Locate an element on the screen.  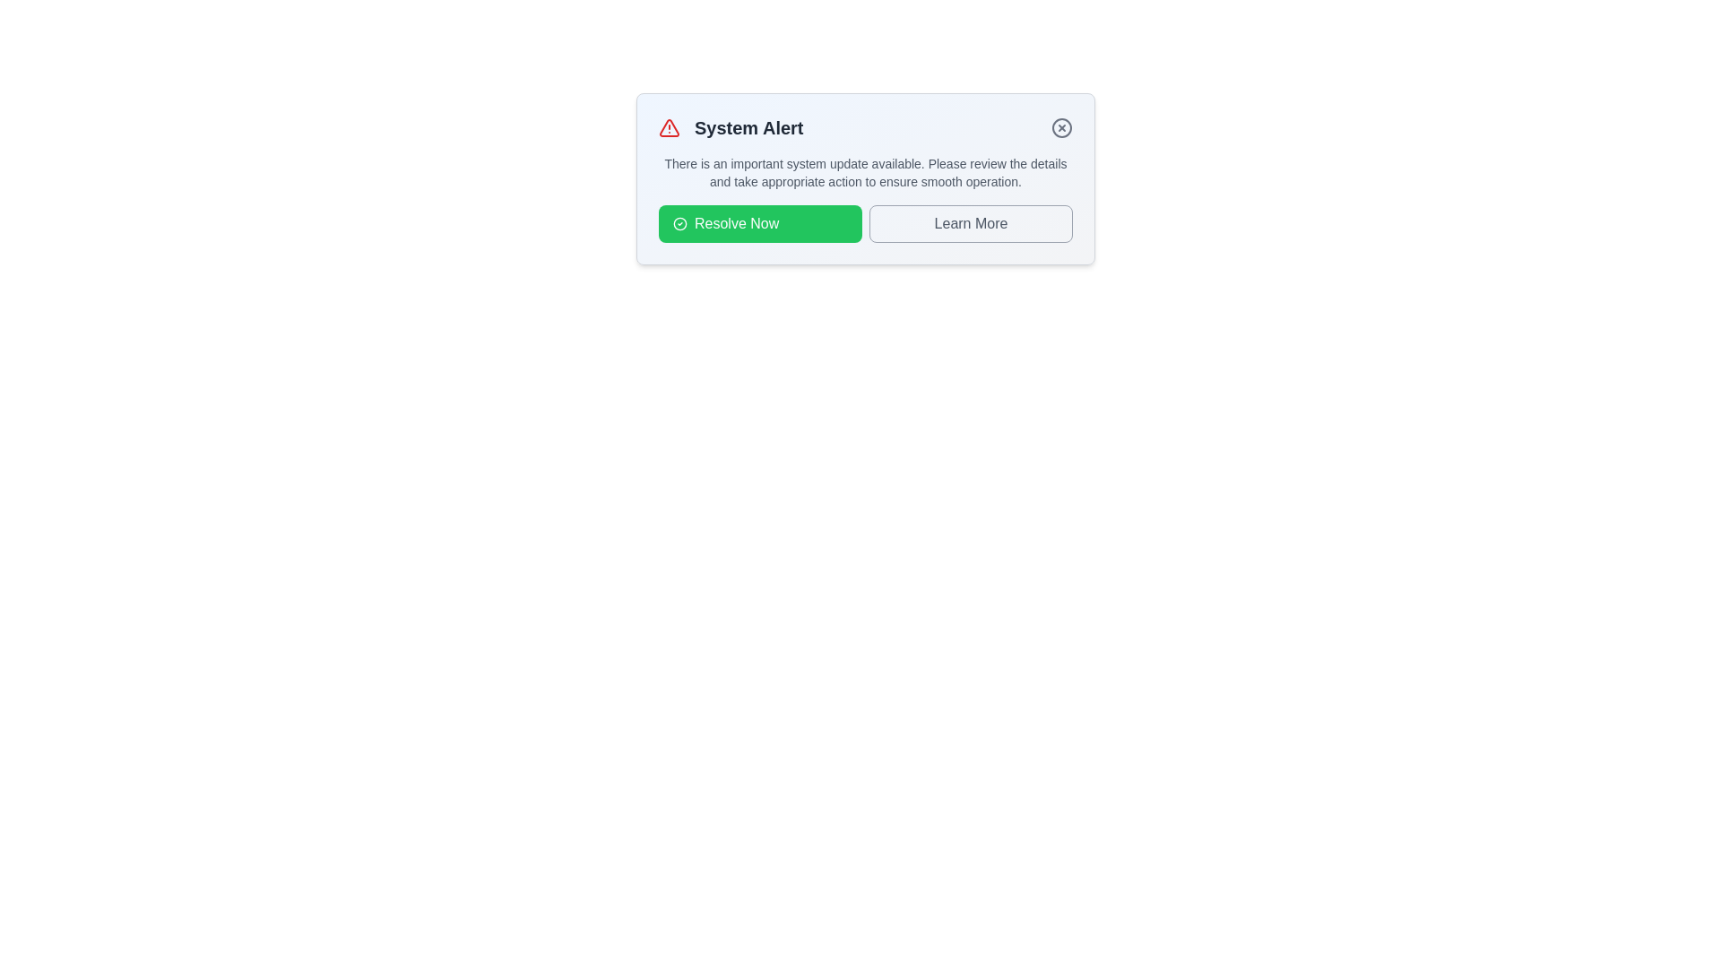
the 'Learn More' button to access additional information is located at coordinates (970, 223).